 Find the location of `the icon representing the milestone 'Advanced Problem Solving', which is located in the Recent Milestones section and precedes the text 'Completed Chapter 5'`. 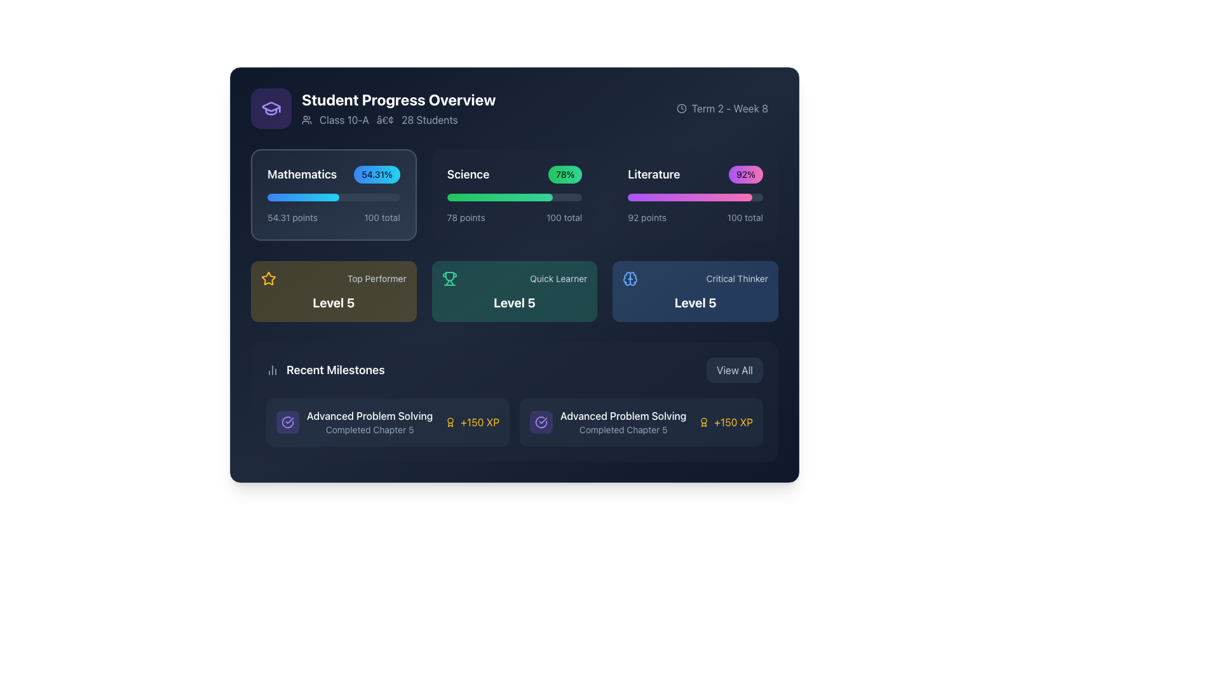

the icon representing the milestone 'Advanced Problem Solving', which is located in the Recent Milestones section and precedes the text 'Completed Chapter 5' is located at coordinates (287, 422).